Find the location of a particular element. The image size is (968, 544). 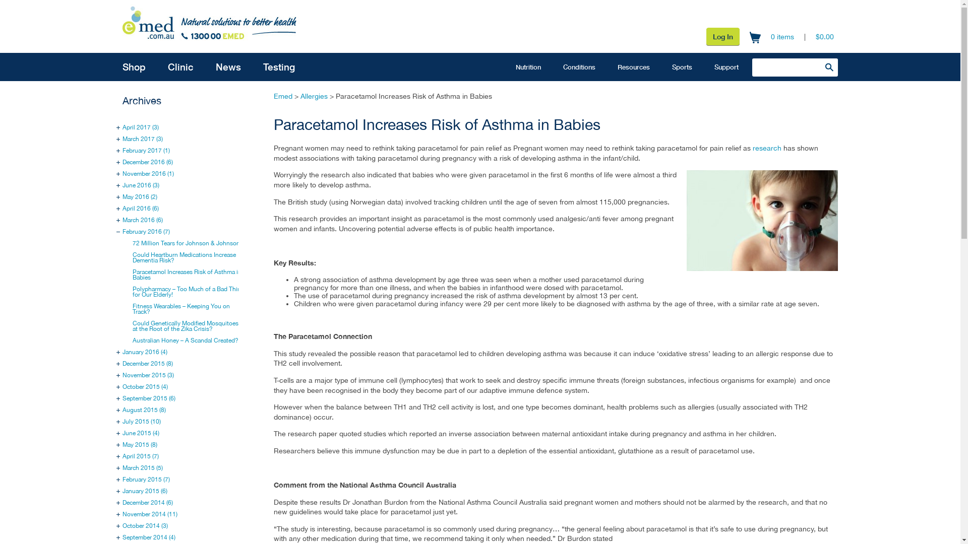

'July 2015 (10)' is located at coordinates (141, 422).